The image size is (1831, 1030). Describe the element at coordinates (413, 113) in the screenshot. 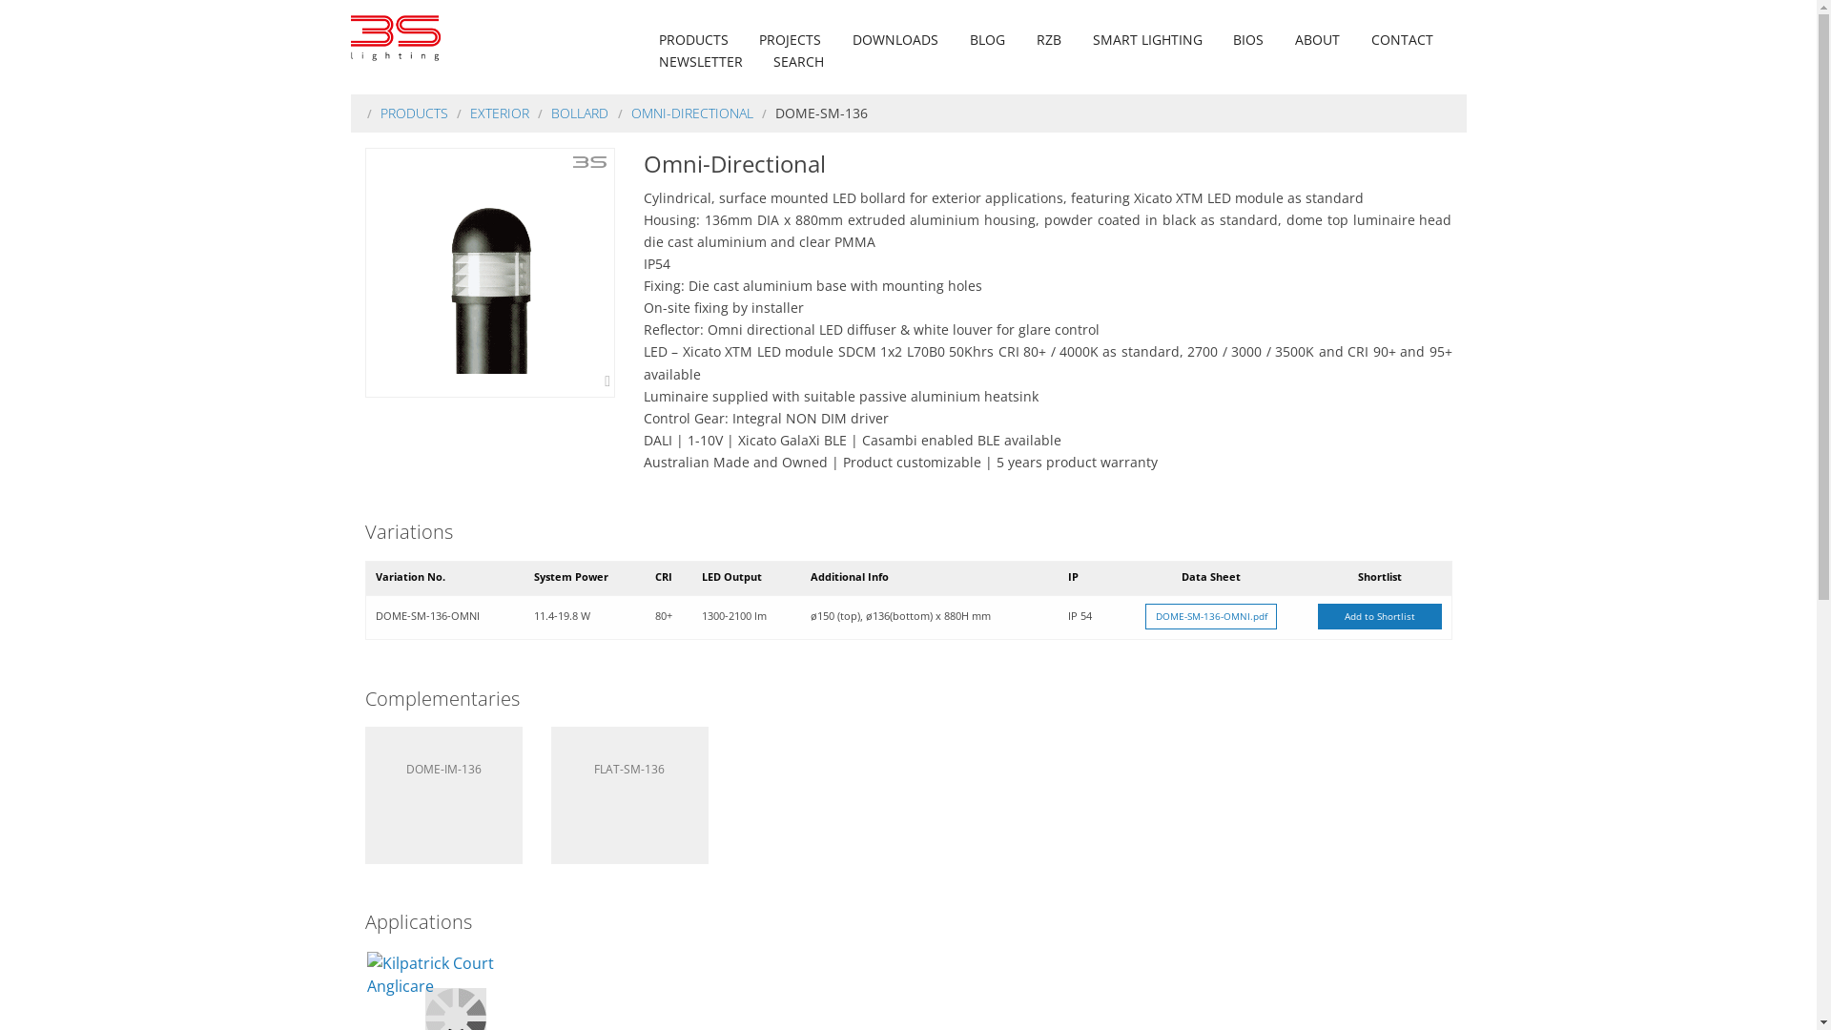

I see `'PRODUCTS'` at that location.